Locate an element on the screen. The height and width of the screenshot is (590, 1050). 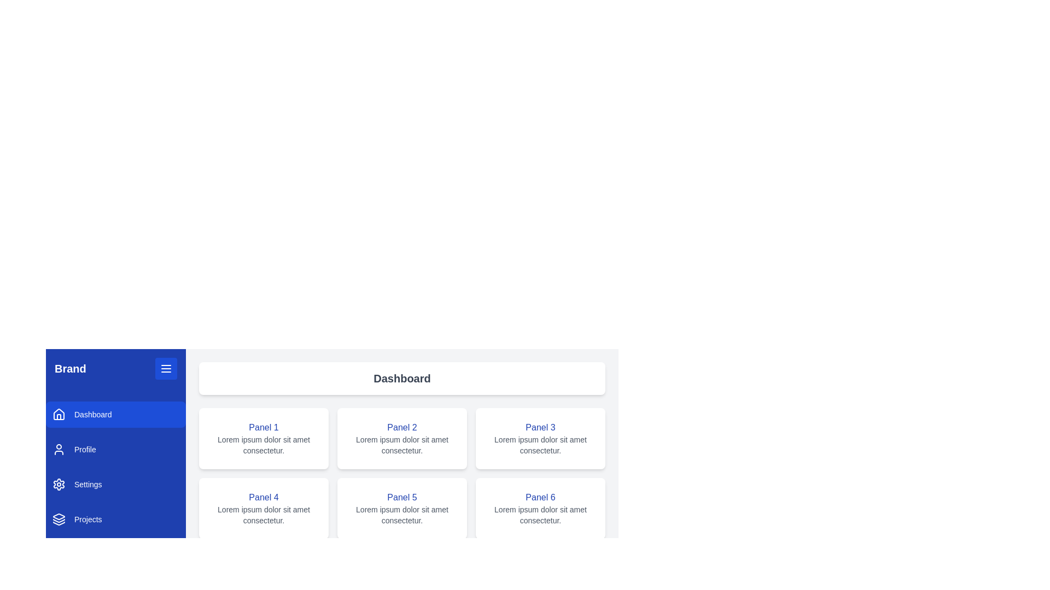
the 'Dashboard' menu item icon, which is a house icon located on the left-hand sidebar with a blue background and white text is located at coordinates (59, 414).